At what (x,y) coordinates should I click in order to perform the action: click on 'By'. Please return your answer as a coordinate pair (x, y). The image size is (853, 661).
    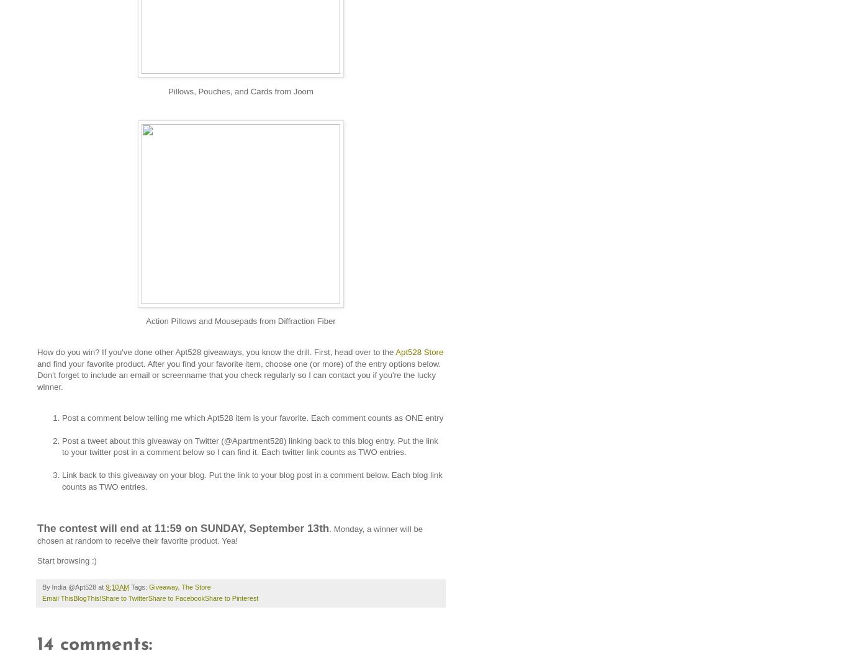
    Looking at the image, I should click on (46, 587).